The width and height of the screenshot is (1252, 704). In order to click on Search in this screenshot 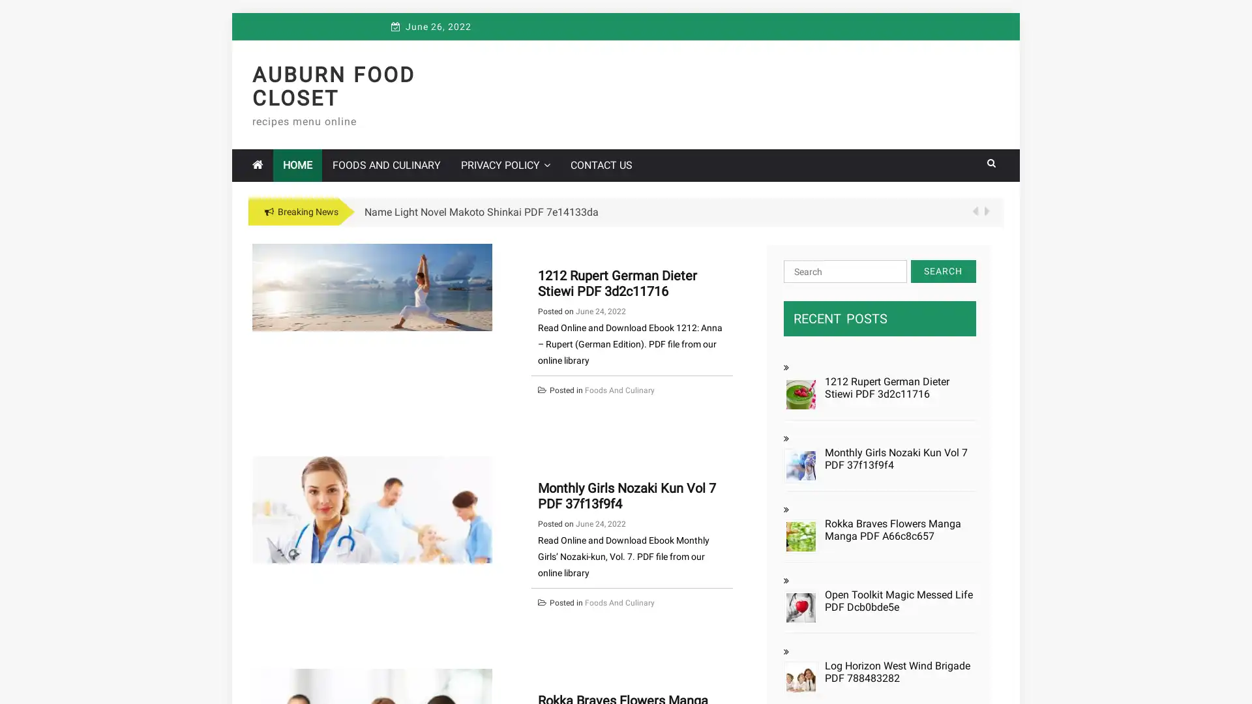, I will do `click(942, 271)`.